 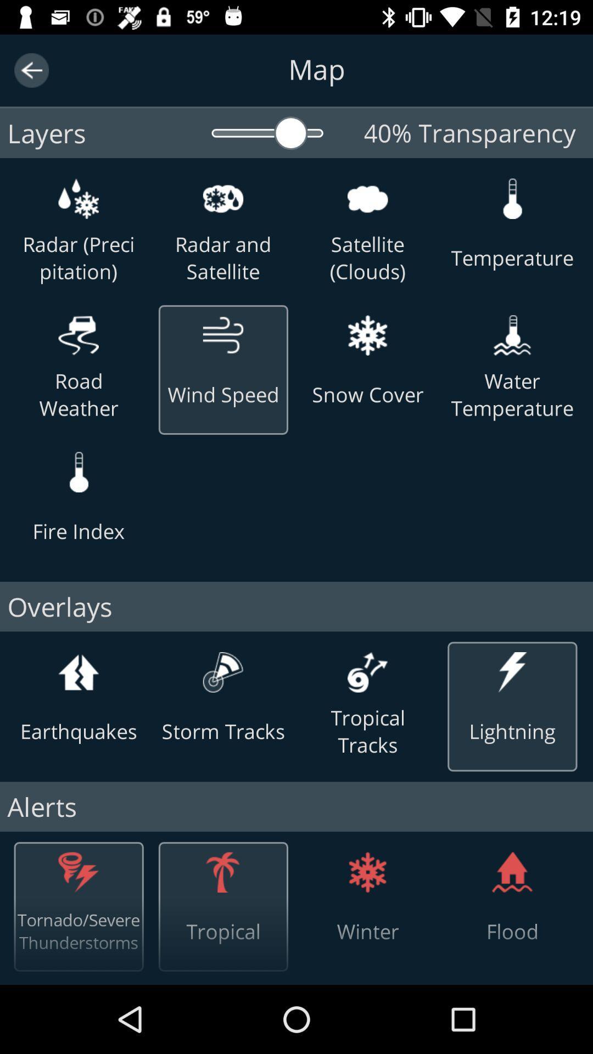 What do you see at coordinates (222, 199) in the screenshot?
I see `the icon above radar and satellite` at bounding box center [222, 199].